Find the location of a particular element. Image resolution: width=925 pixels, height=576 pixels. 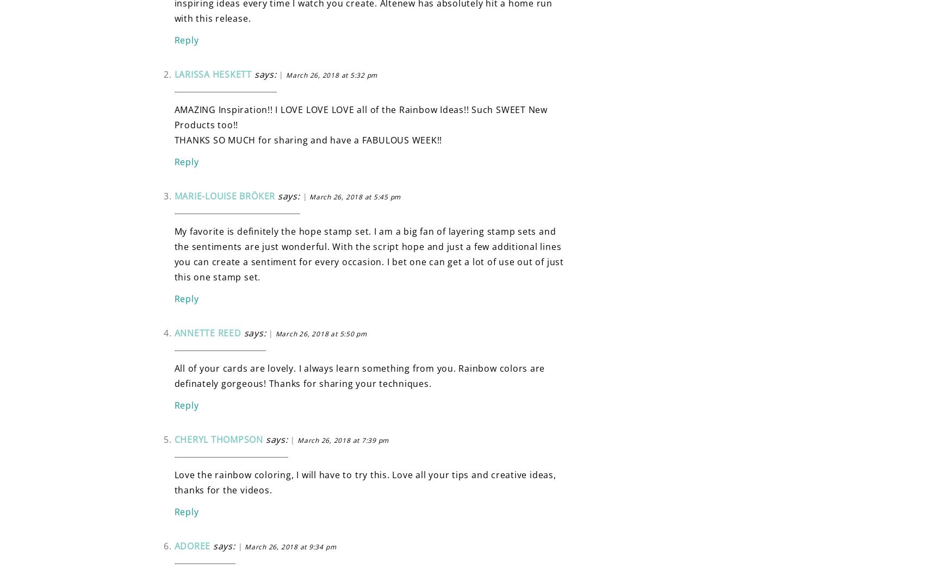

'Larissa Heskett' is located at coordinates (212, 73).